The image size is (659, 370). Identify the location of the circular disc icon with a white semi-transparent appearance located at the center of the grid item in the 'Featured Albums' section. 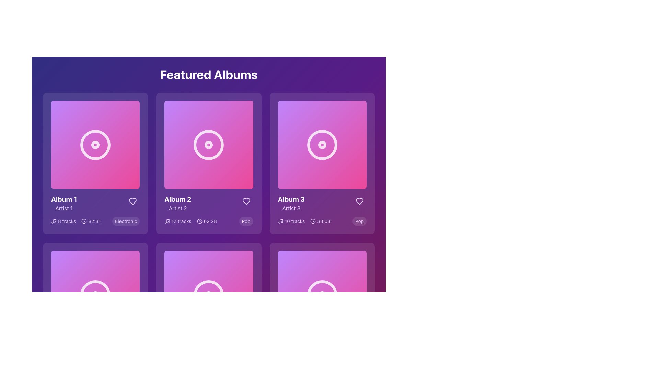
(322, 295).